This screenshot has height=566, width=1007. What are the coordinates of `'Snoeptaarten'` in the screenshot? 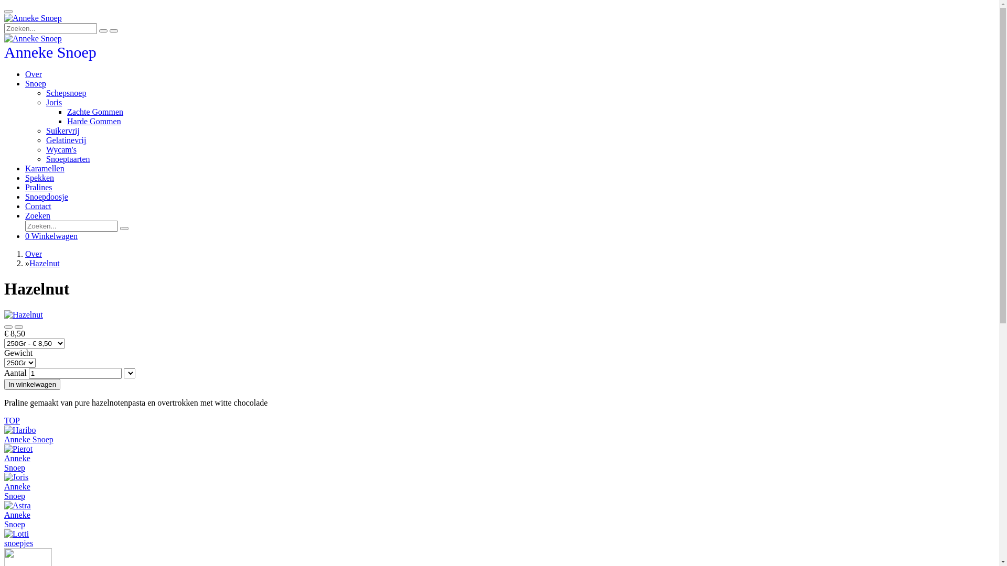 It's located at (45, 159).